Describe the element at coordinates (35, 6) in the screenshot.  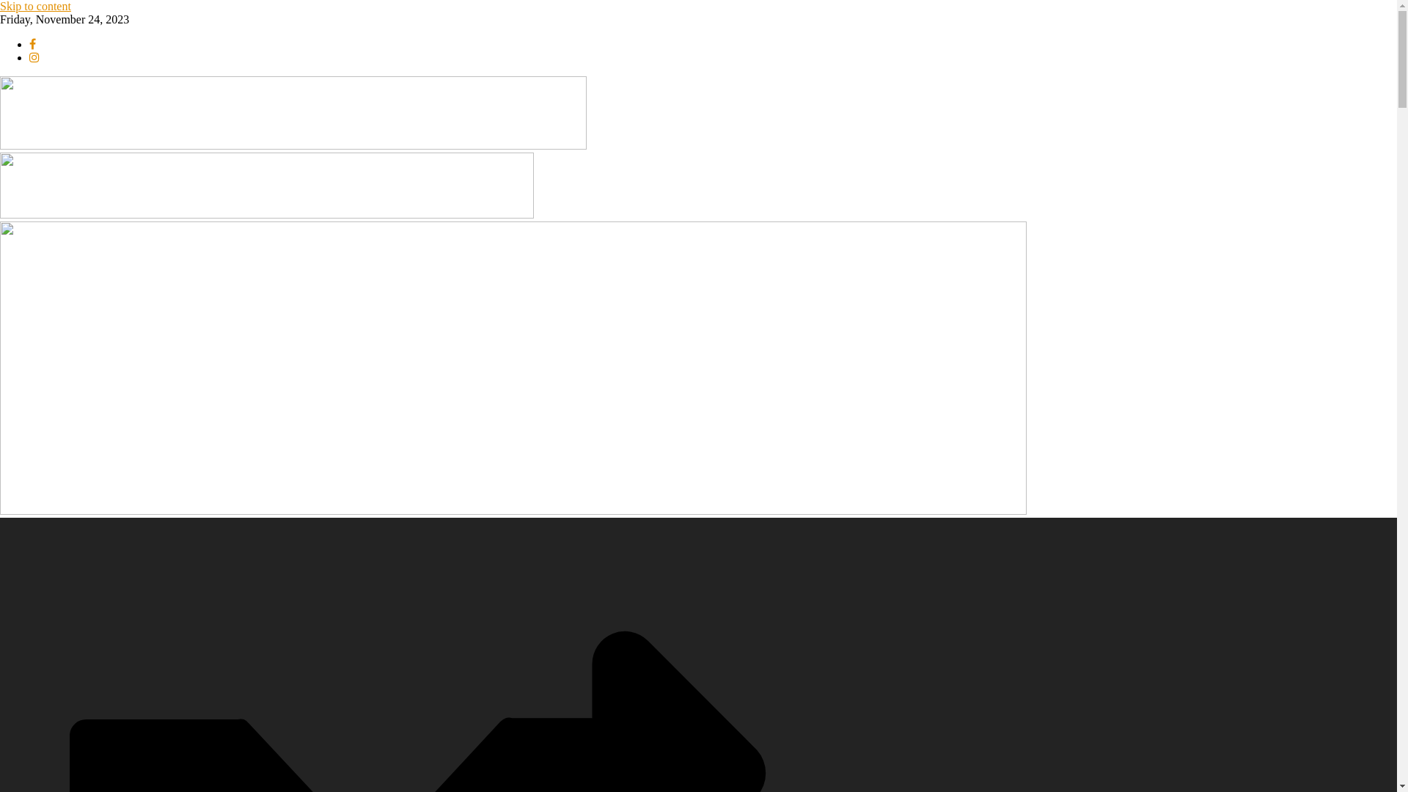
I see `'Skip to content'` at that location.